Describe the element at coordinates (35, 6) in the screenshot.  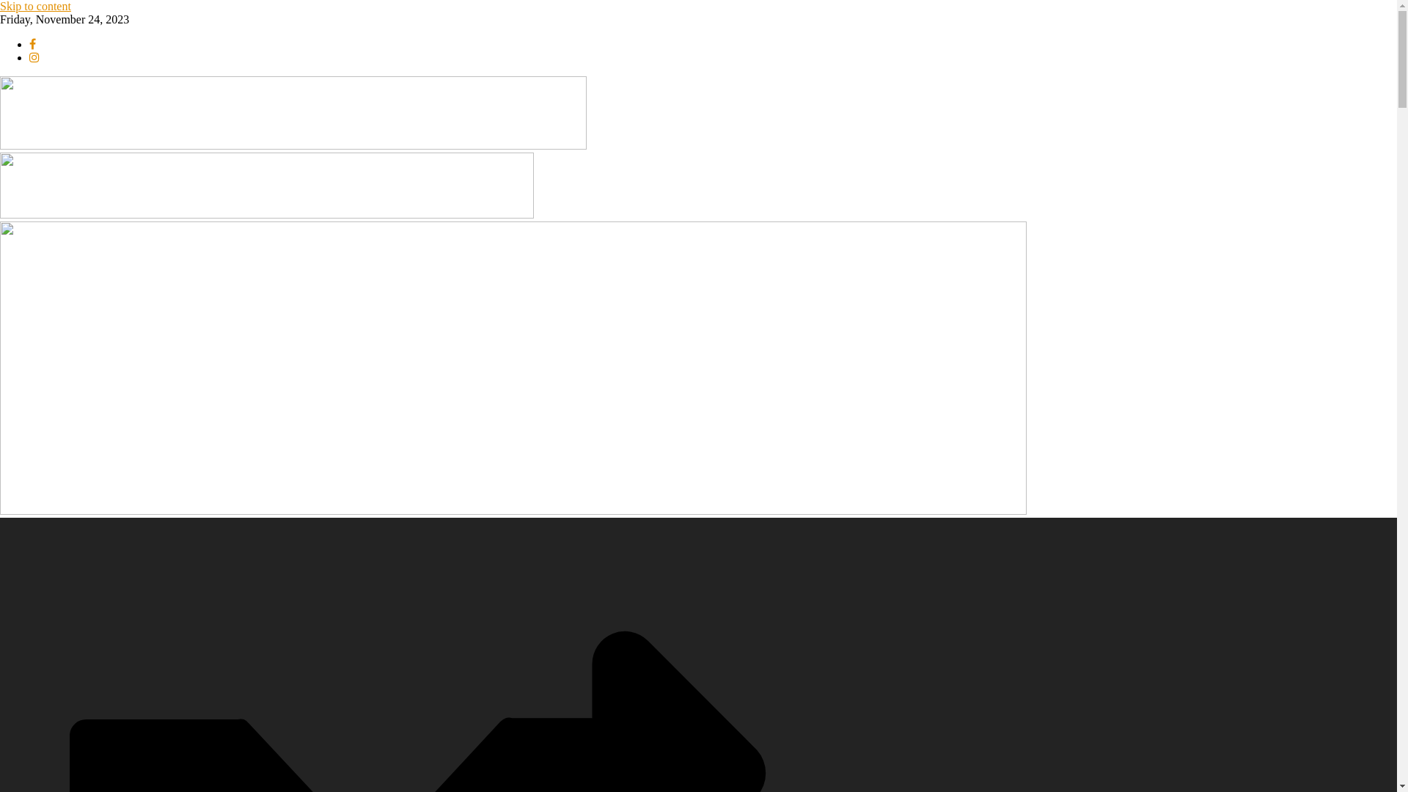
I see `'Skip to content'` at that location.